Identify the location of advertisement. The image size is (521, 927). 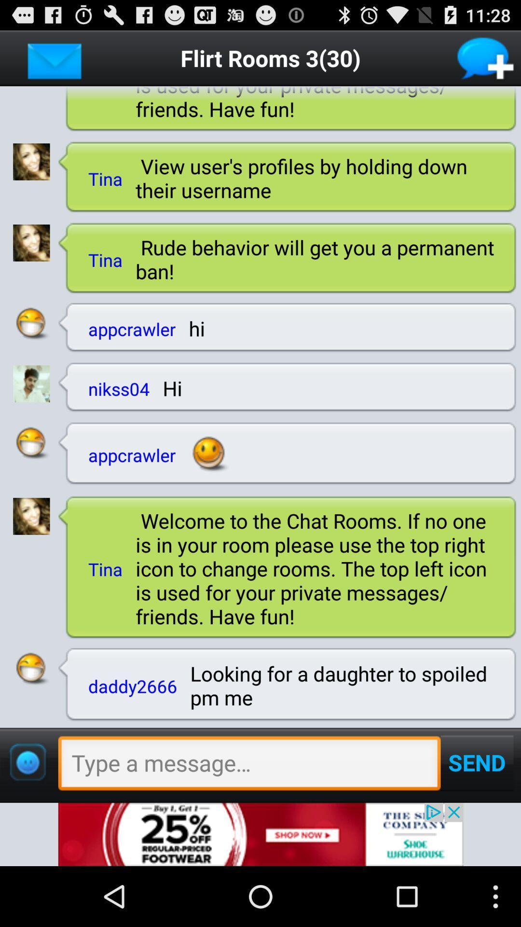
(260, 834).